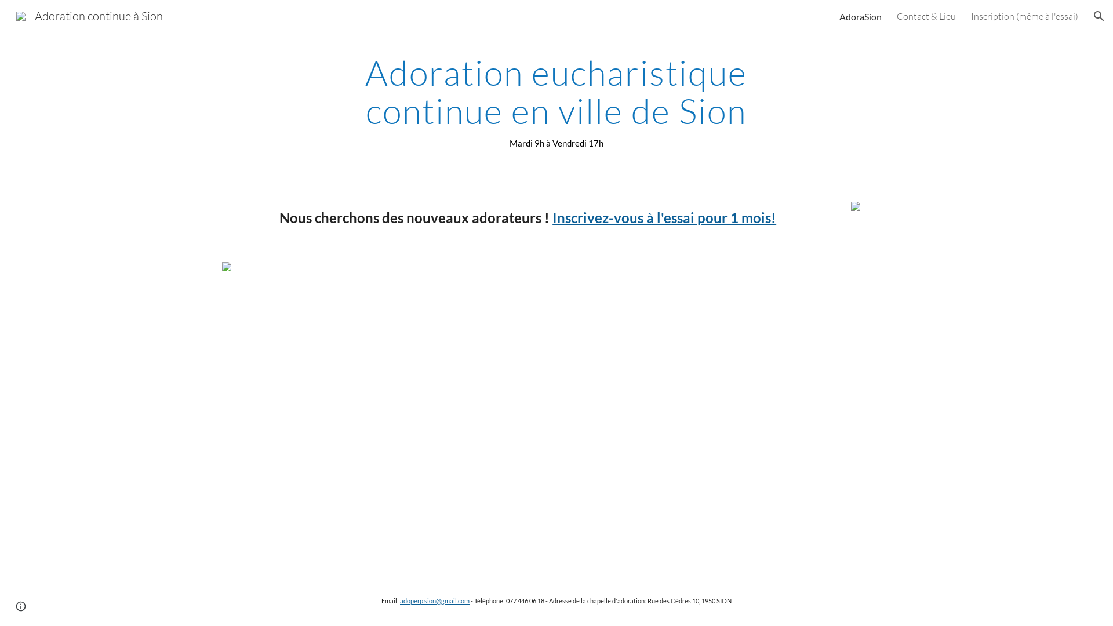  I want to click on 'adoperp.sion@gmail.com', so click(434, 600).